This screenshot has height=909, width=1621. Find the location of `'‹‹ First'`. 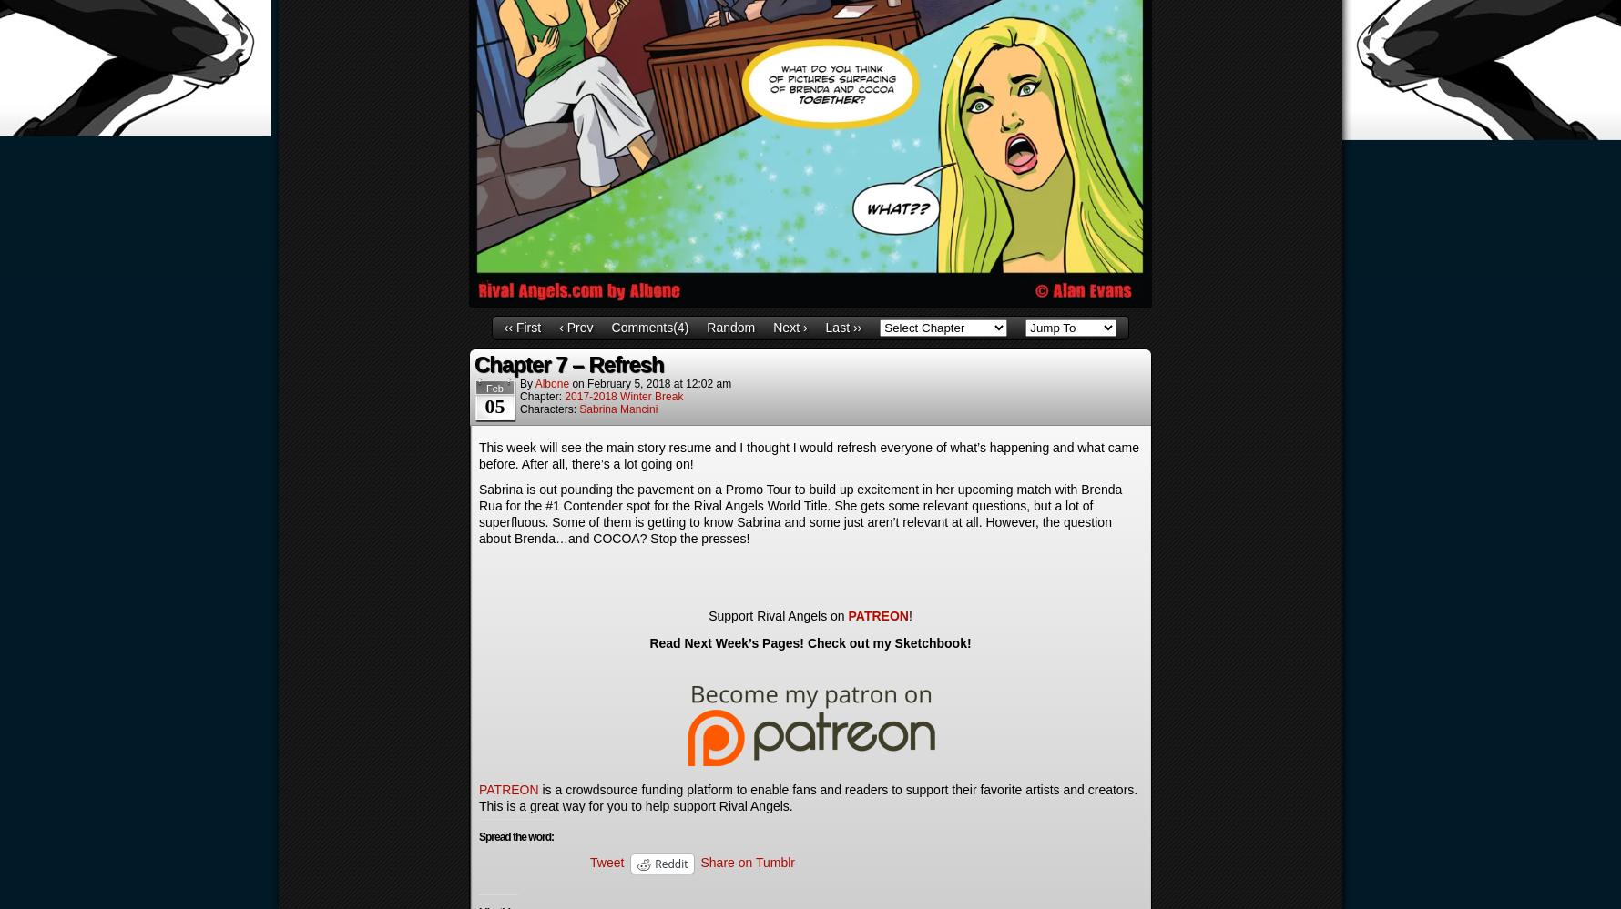

'‹‹ First' is located at coordinates (521, 328).